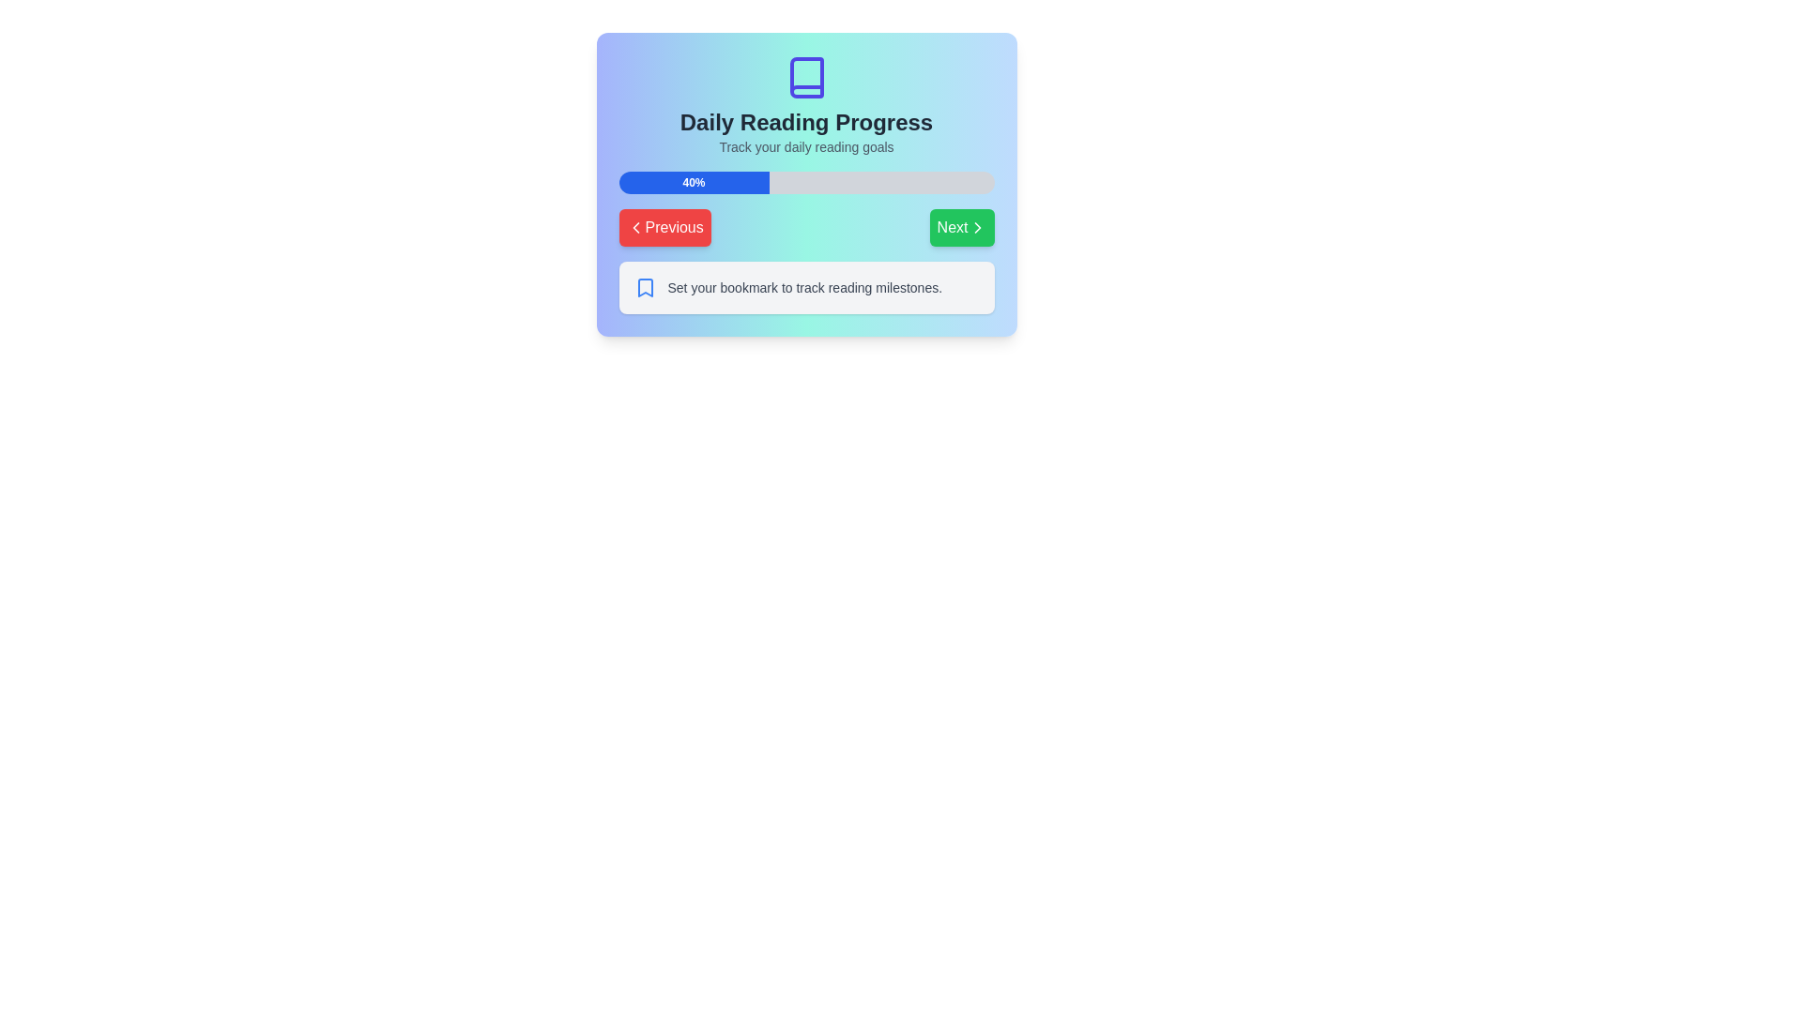  What do you see at coordinates (645, 288) in the screenshot?
I see `the bookmarking icon located to the left of the text in the 'Set your bookmark to track reading milestones.' section, which is the only icon in its immediate vicinity` at bounding box center [645, 288].